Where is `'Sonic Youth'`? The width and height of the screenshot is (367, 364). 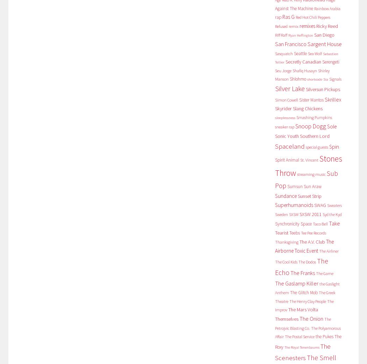 'Sonic Youth' is located at coordinates (286, 136).